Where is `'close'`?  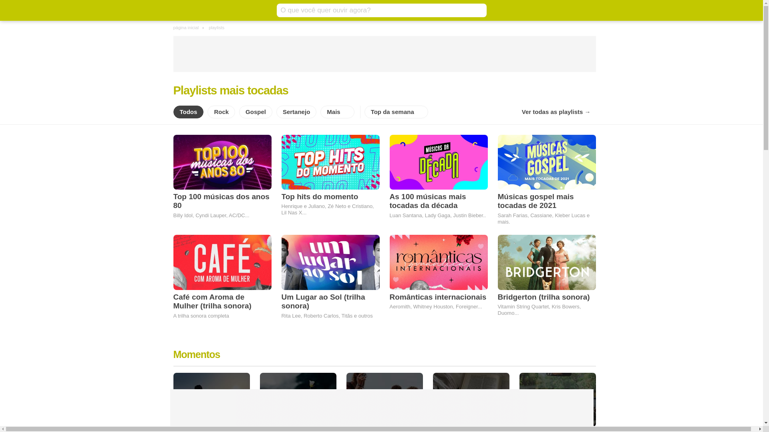
'close' is located at coordinates (584, 384).